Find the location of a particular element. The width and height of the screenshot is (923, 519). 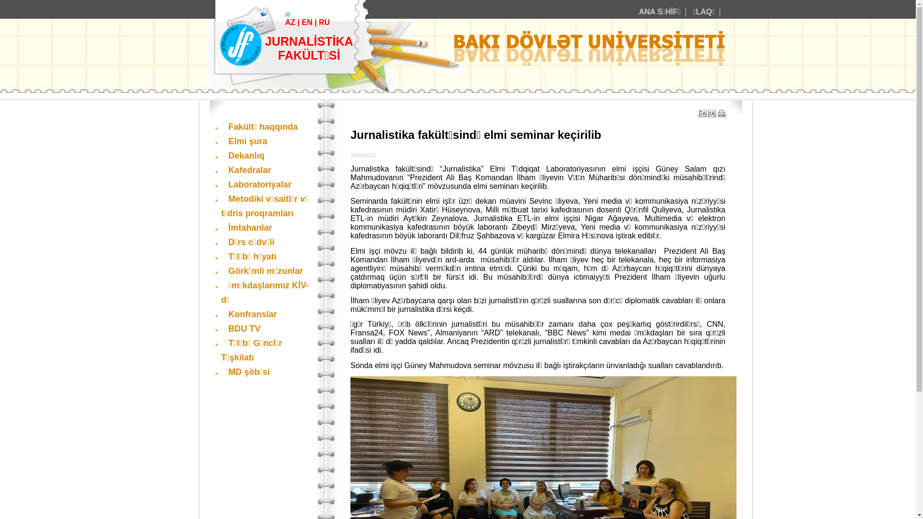

'BDU TV' is located at coordinates (221, 328).